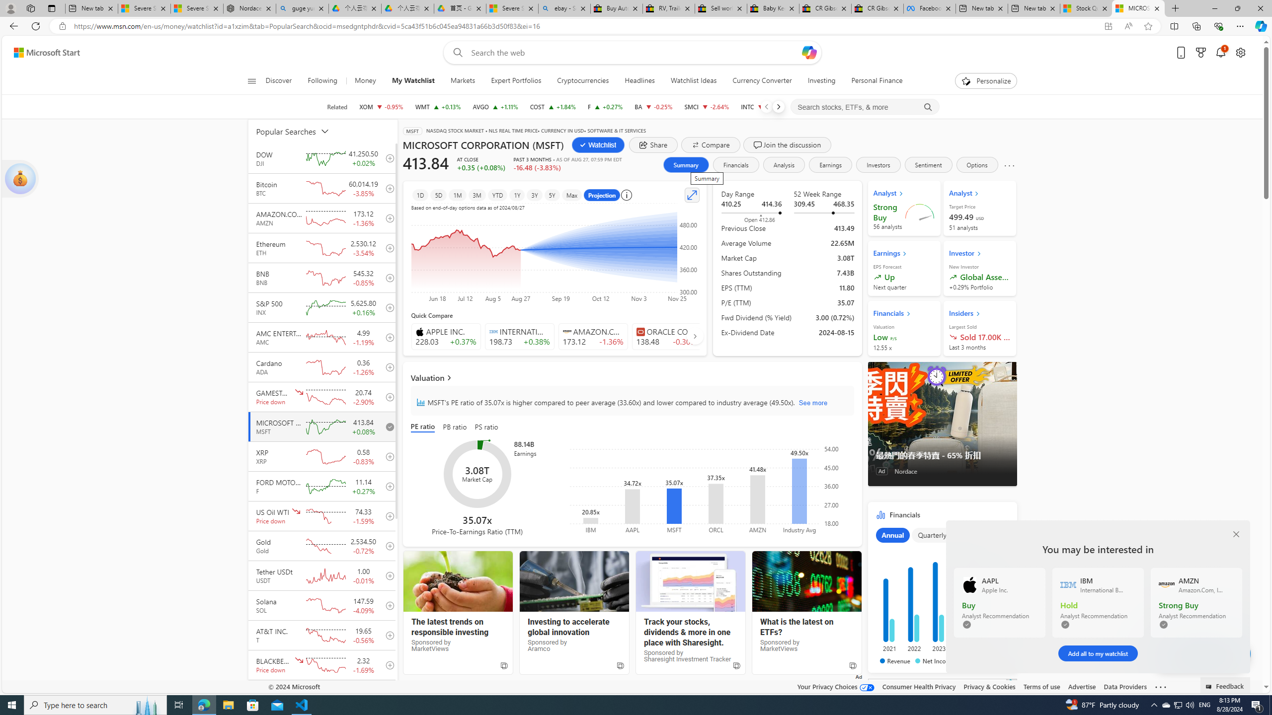 The width and height of the screenshot is (1272, 715). What do you see at coordinates (302, 8) in the screenshot?
I see `'guge yunpan - Search'` at bounding box center [302, 8].